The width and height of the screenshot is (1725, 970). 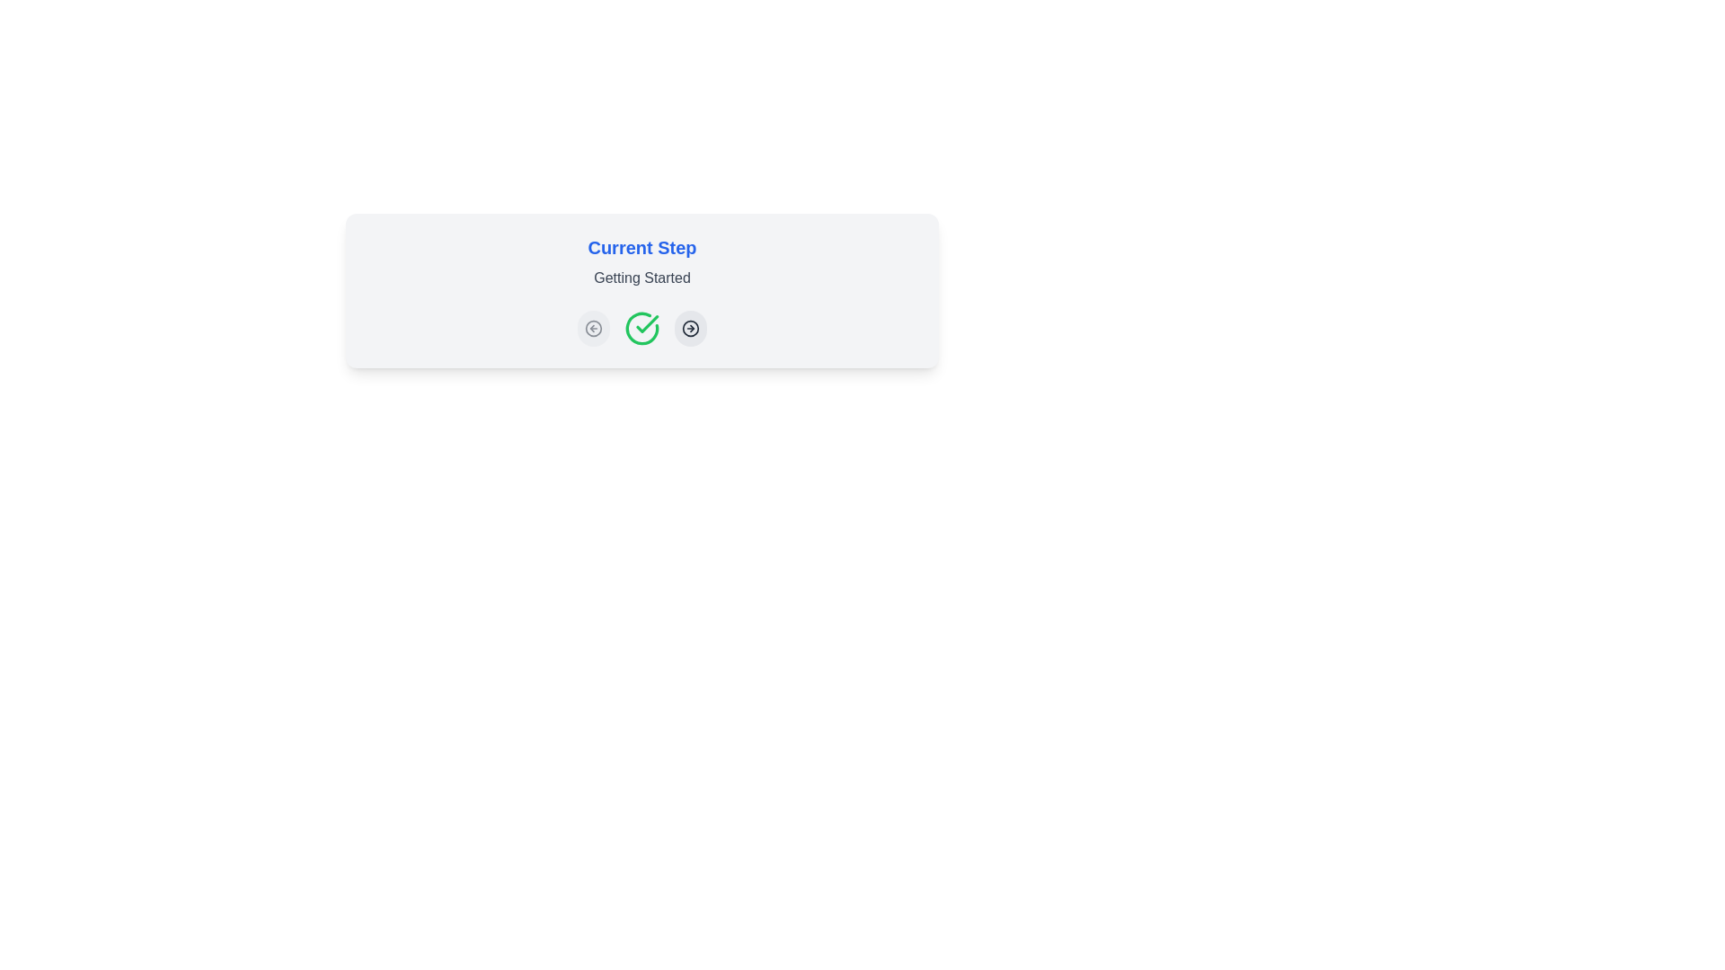 I want to click on the rightward arrow icon enclosed within a circle, which is part of the group of three circular action icons located centrally below the 'Current Step' text, so click(x=689, y=329).